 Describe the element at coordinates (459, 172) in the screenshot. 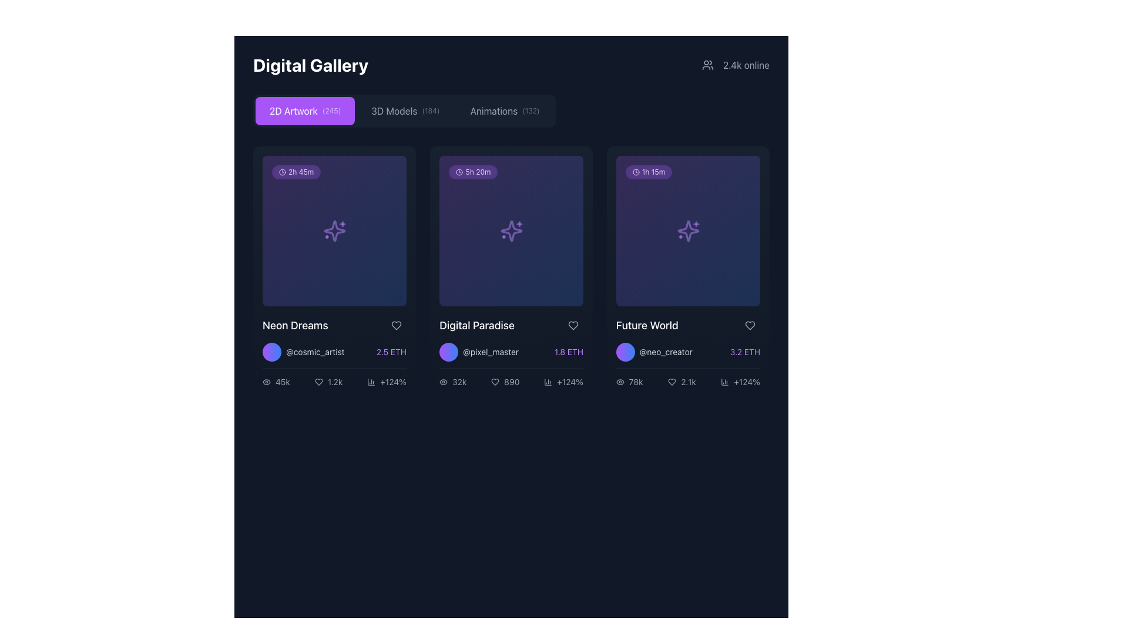

I see `the small circular clock icon with a hollow outline located in the top-left portion of the 'Digital Paradise' card, which has clock hands pointing towards specific positions` at that location.